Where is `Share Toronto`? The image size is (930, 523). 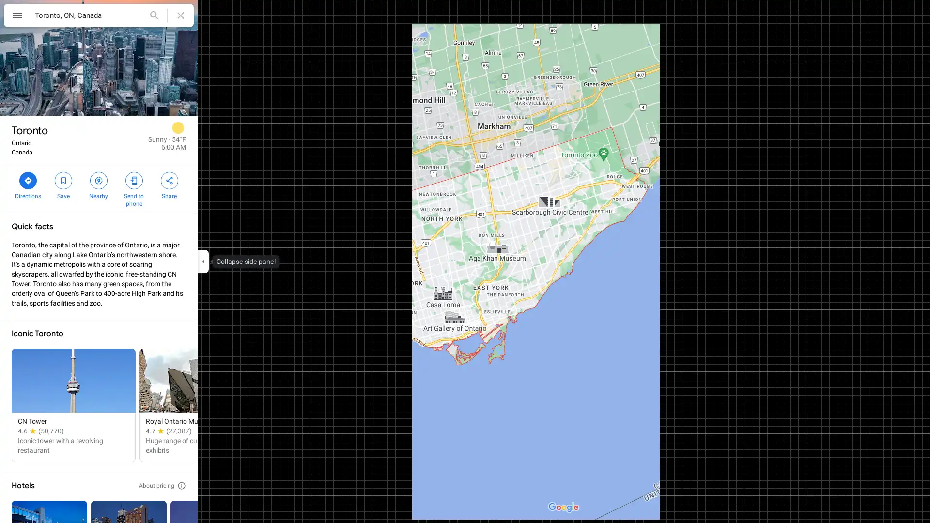 Share Toronto is located at coordinates (169, 185).